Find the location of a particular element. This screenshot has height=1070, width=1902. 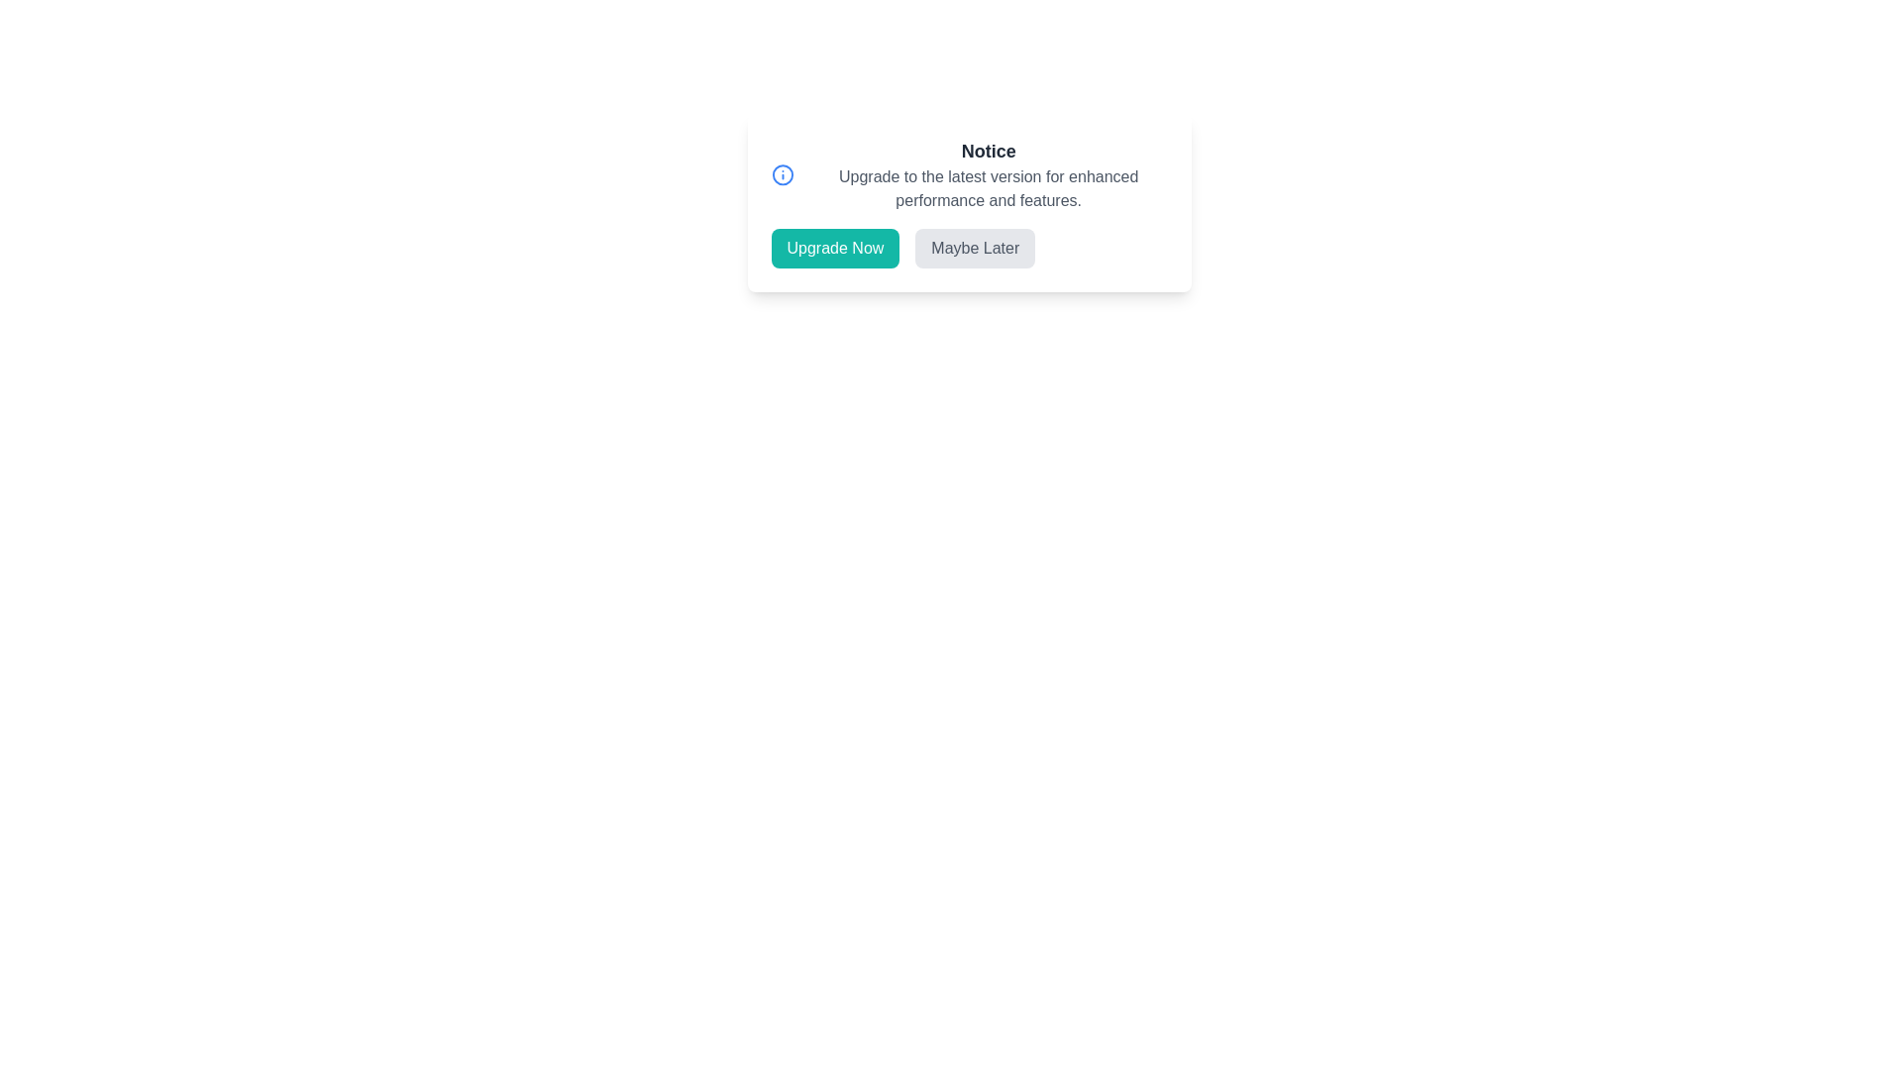

the 'Notice' label, which is prominently styled and located at the top of the card interface is located at coordinates (989, 151).